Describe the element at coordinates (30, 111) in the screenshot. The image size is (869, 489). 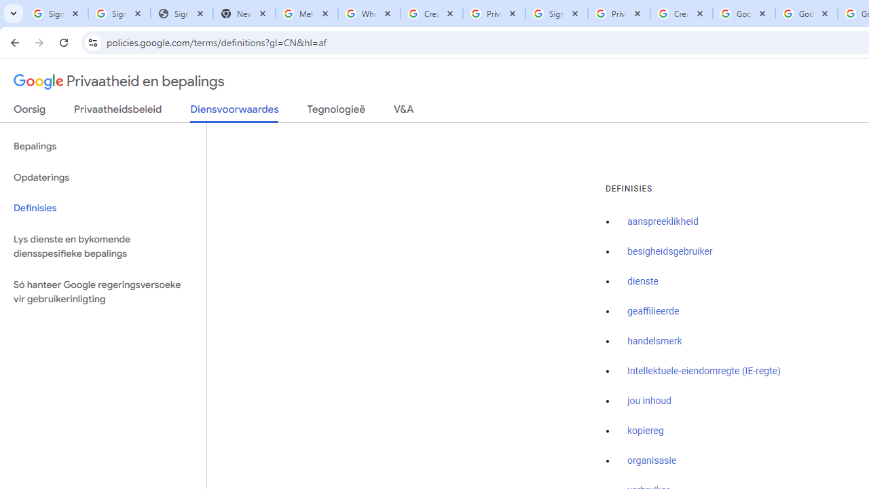
I see `'Oorsig'` at that location.